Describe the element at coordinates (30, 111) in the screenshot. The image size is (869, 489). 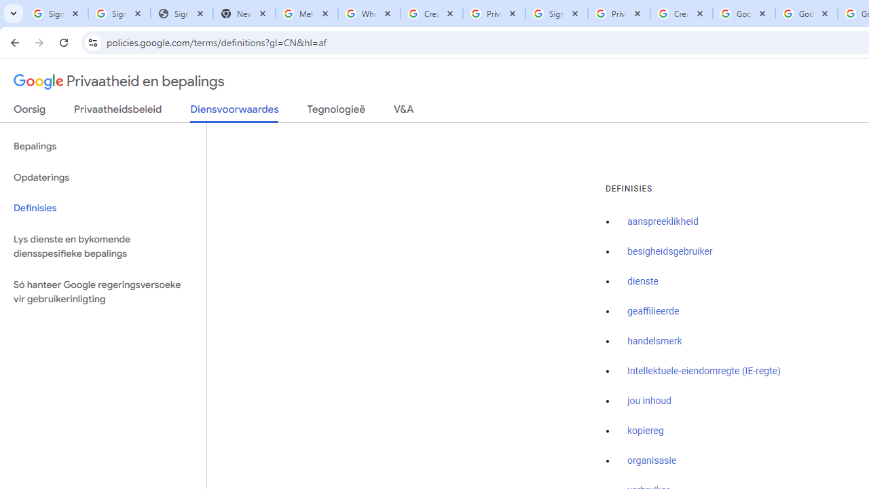
I see `'Oorsig'` at that location.